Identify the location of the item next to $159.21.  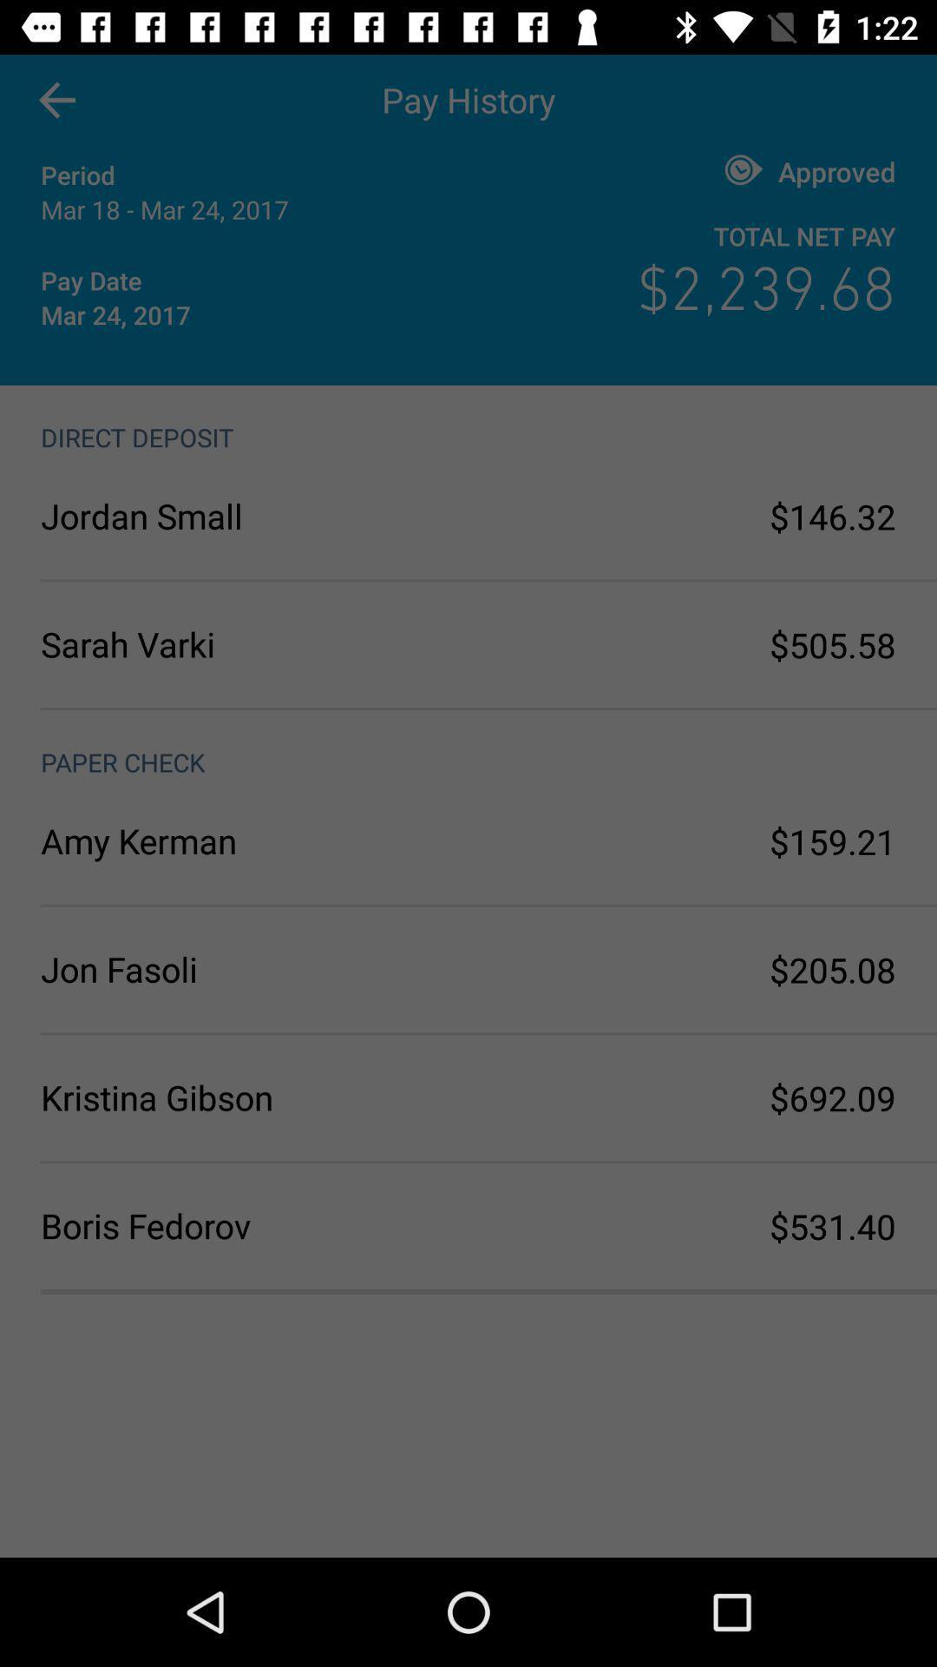
(254, 840).